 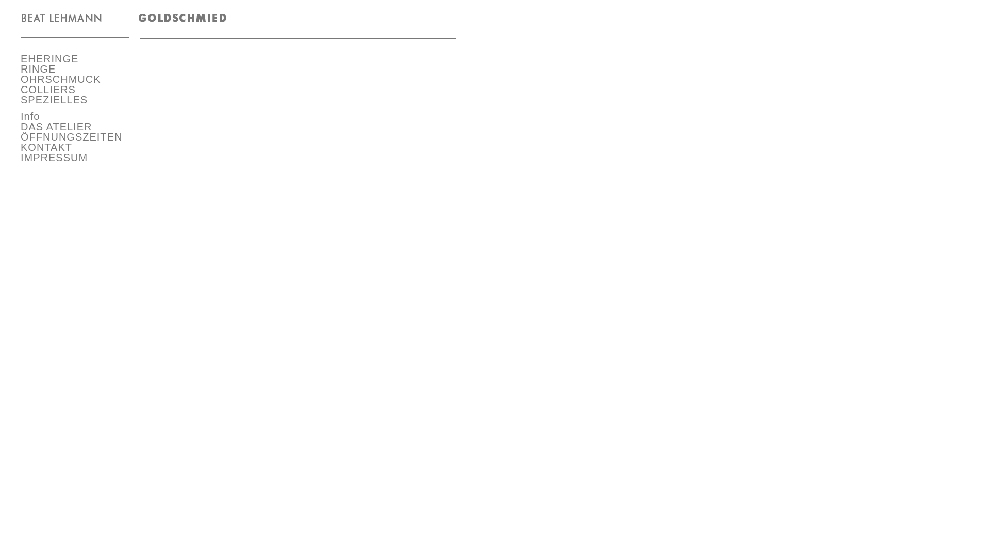 What do you see at coordinates (54, 99) in the screenshot?
I see `'SPEZIELLES'` at bounding box center [54, 99].